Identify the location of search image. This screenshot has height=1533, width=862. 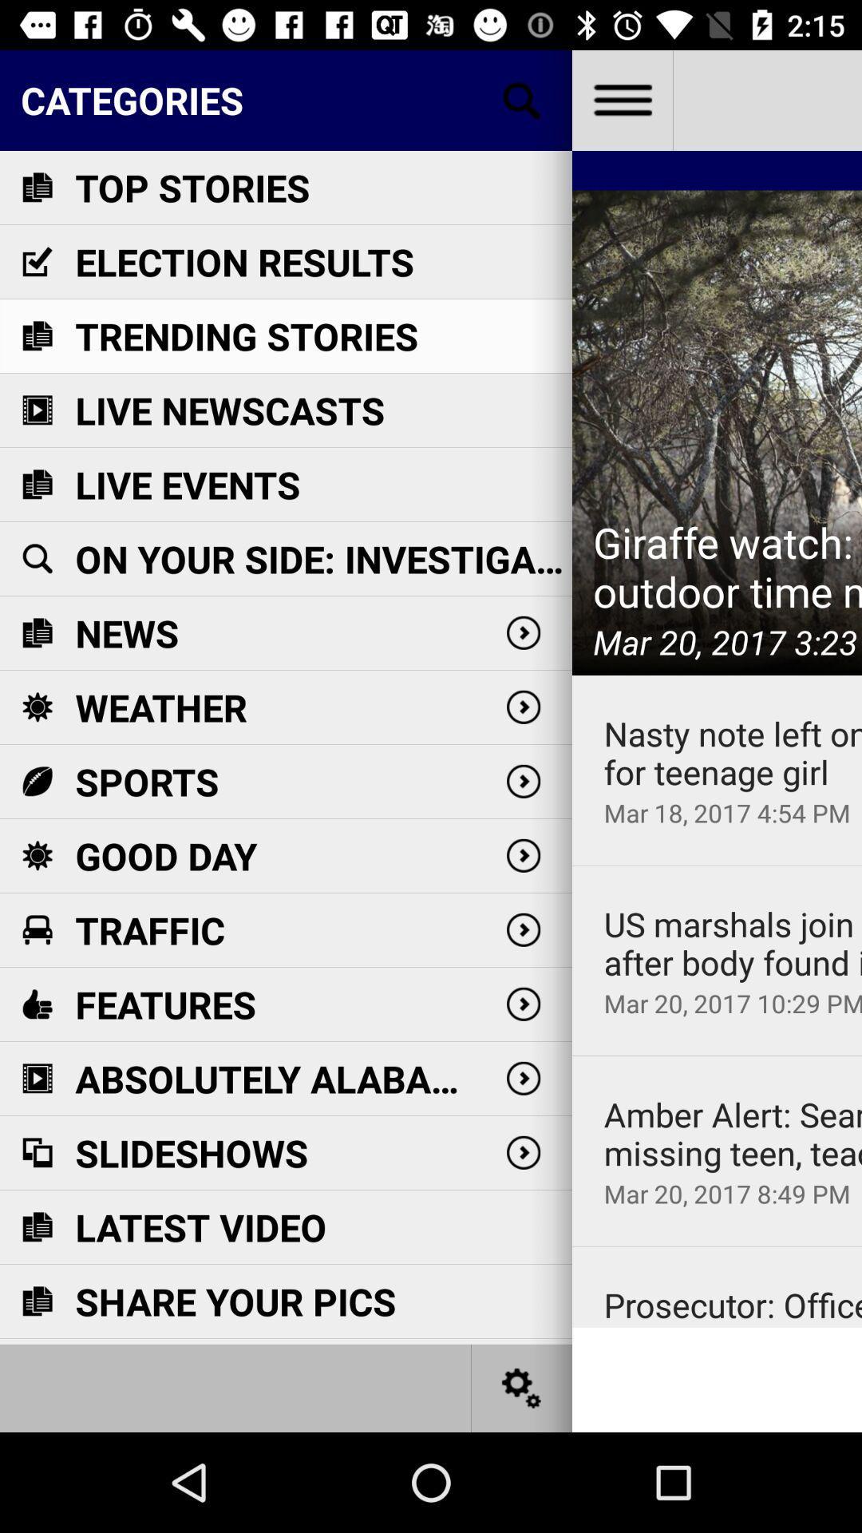
(522, 99).